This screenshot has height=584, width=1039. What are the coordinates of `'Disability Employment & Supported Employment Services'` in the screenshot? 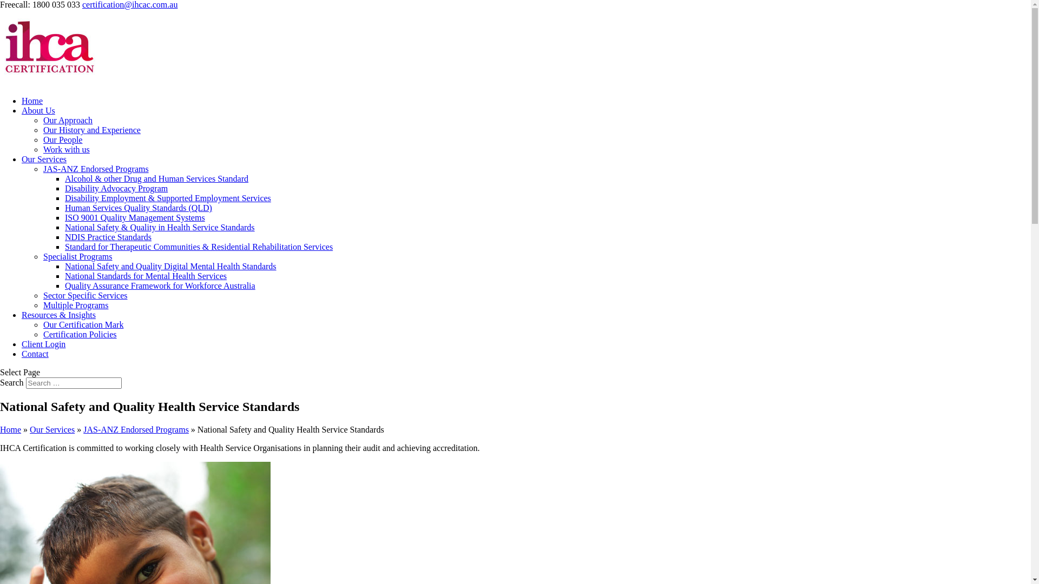 It's located at (167, 198).